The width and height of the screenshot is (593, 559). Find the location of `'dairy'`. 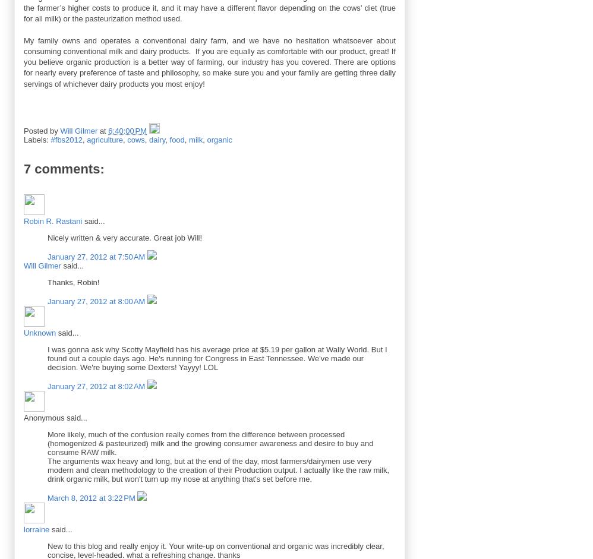

'dairy' is located at coordinates (149, 138).